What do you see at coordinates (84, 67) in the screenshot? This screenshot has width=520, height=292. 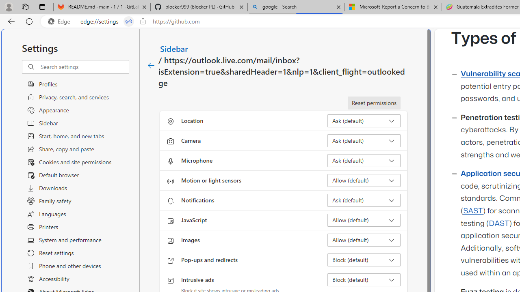 I see `'Search settings'` at bounding box center [84, 67].